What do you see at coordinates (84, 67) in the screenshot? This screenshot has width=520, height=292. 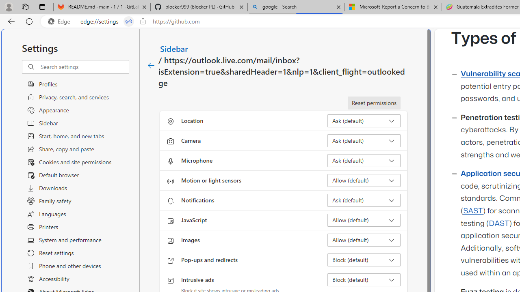 I see `'Search settings'` at bounding box center [84, 67].